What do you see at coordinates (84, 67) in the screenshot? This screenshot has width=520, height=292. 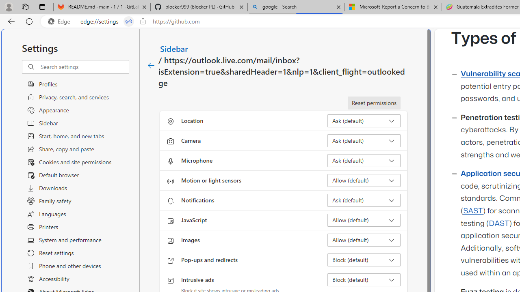 I see `'Search settings'` at bounding box center [84, 67].